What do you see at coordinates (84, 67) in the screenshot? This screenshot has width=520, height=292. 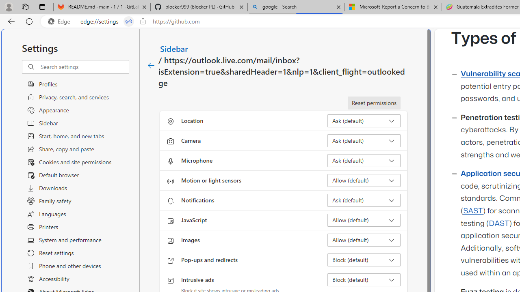 I see `'Search settings'` at bounding box center [84, 67].